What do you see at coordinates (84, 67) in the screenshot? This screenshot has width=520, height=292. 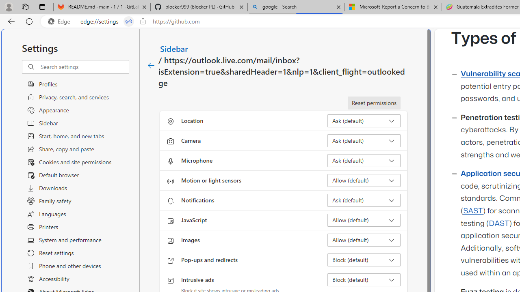 I see `'Search settings'` at bounding box center [84, 67].